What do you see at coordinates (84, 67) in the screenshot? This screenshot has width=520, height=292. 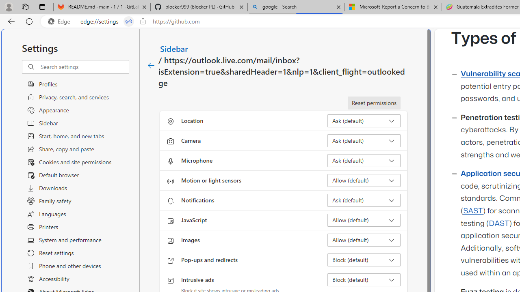 I see `'Search settings'` at bounding box center [84, 67].